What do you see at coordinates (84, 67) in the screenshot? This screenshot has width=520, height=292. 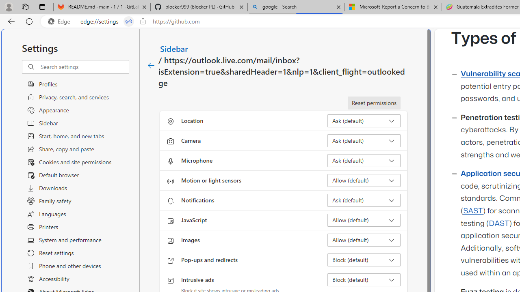 I see `'Search settings'` at bounding box center [84, 67].